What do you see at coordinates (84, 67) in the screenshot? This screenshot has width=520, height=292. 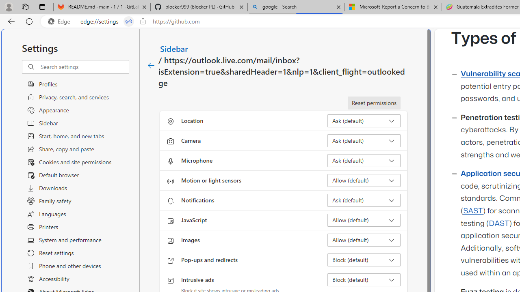 I see `'Search settings'` at bounding box center [84, 67].